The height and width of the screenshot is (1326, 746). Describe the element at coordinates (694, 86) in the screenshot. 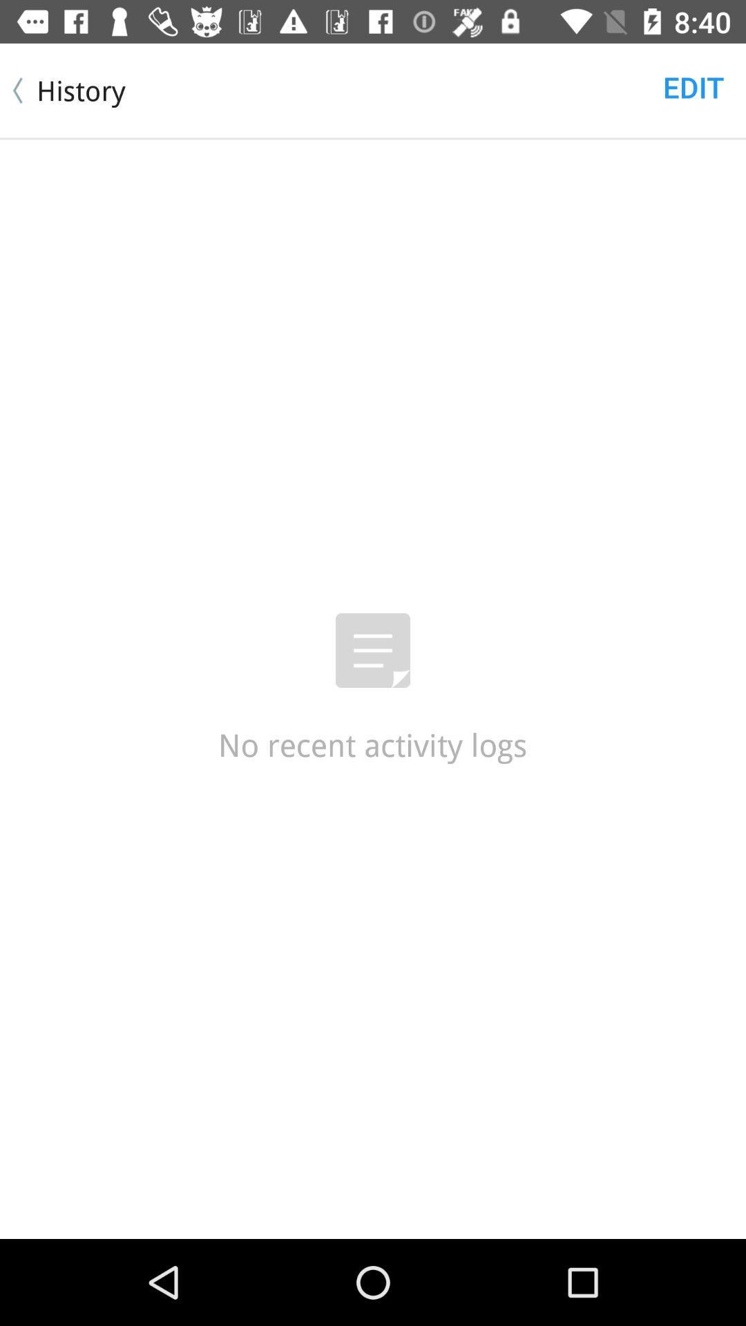

I see `the item at the top right corner` at that location.